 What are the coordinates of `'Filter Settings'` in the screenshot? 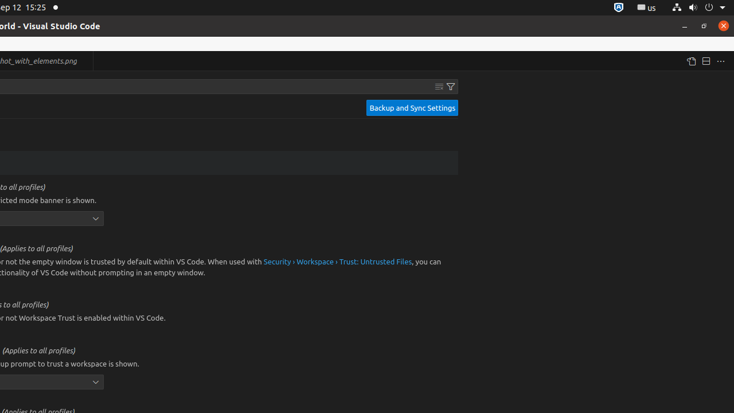 It's located at (450, 85).